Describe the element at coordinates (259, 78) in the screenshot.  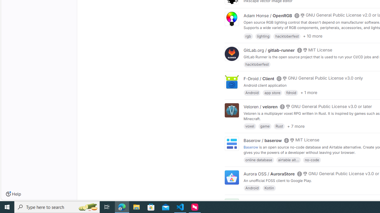
I see `'F-Droid / Client'` at that location.